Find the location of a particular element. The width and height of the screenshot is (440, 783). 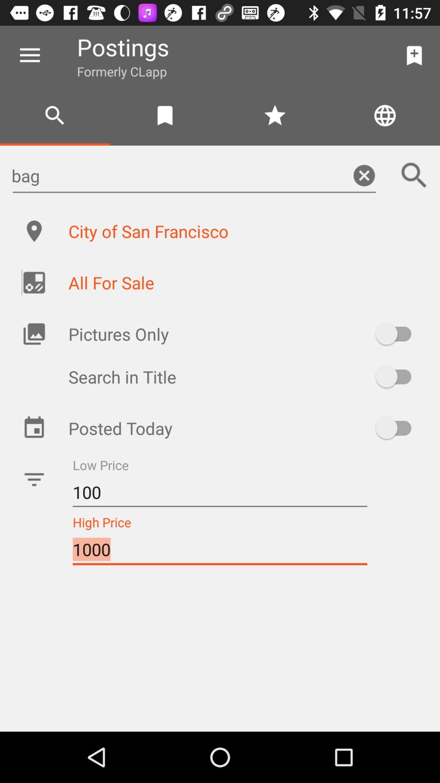

search bar is located at coordinates (414, 175).